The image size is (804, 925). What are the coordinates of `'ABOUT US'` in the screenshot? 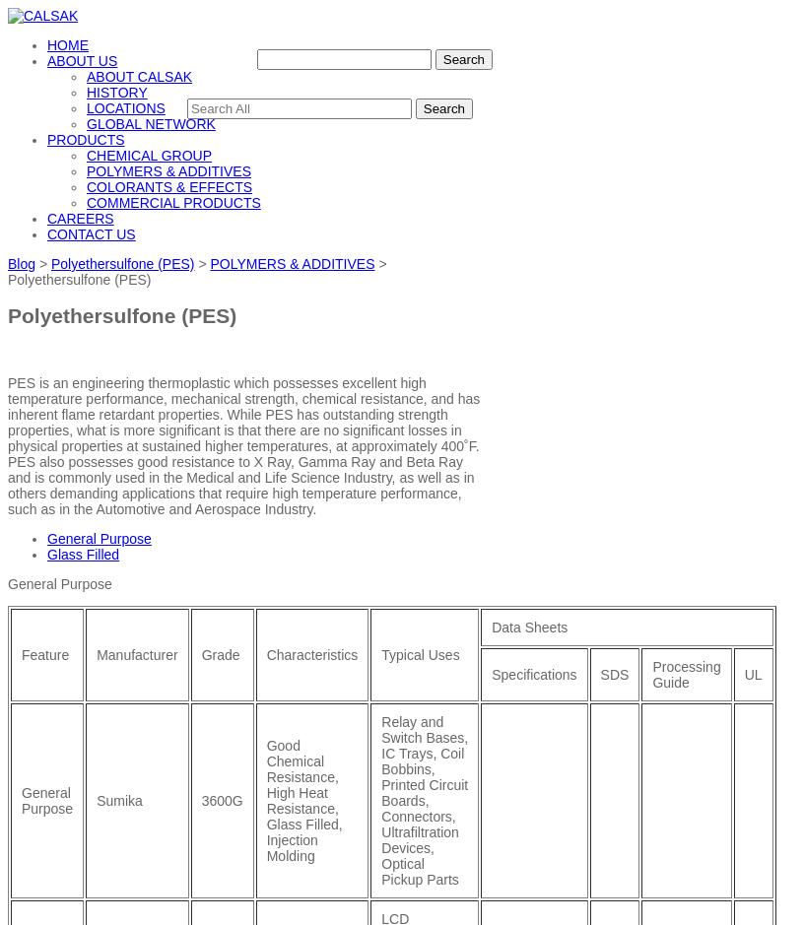 It's located at (81, 59).